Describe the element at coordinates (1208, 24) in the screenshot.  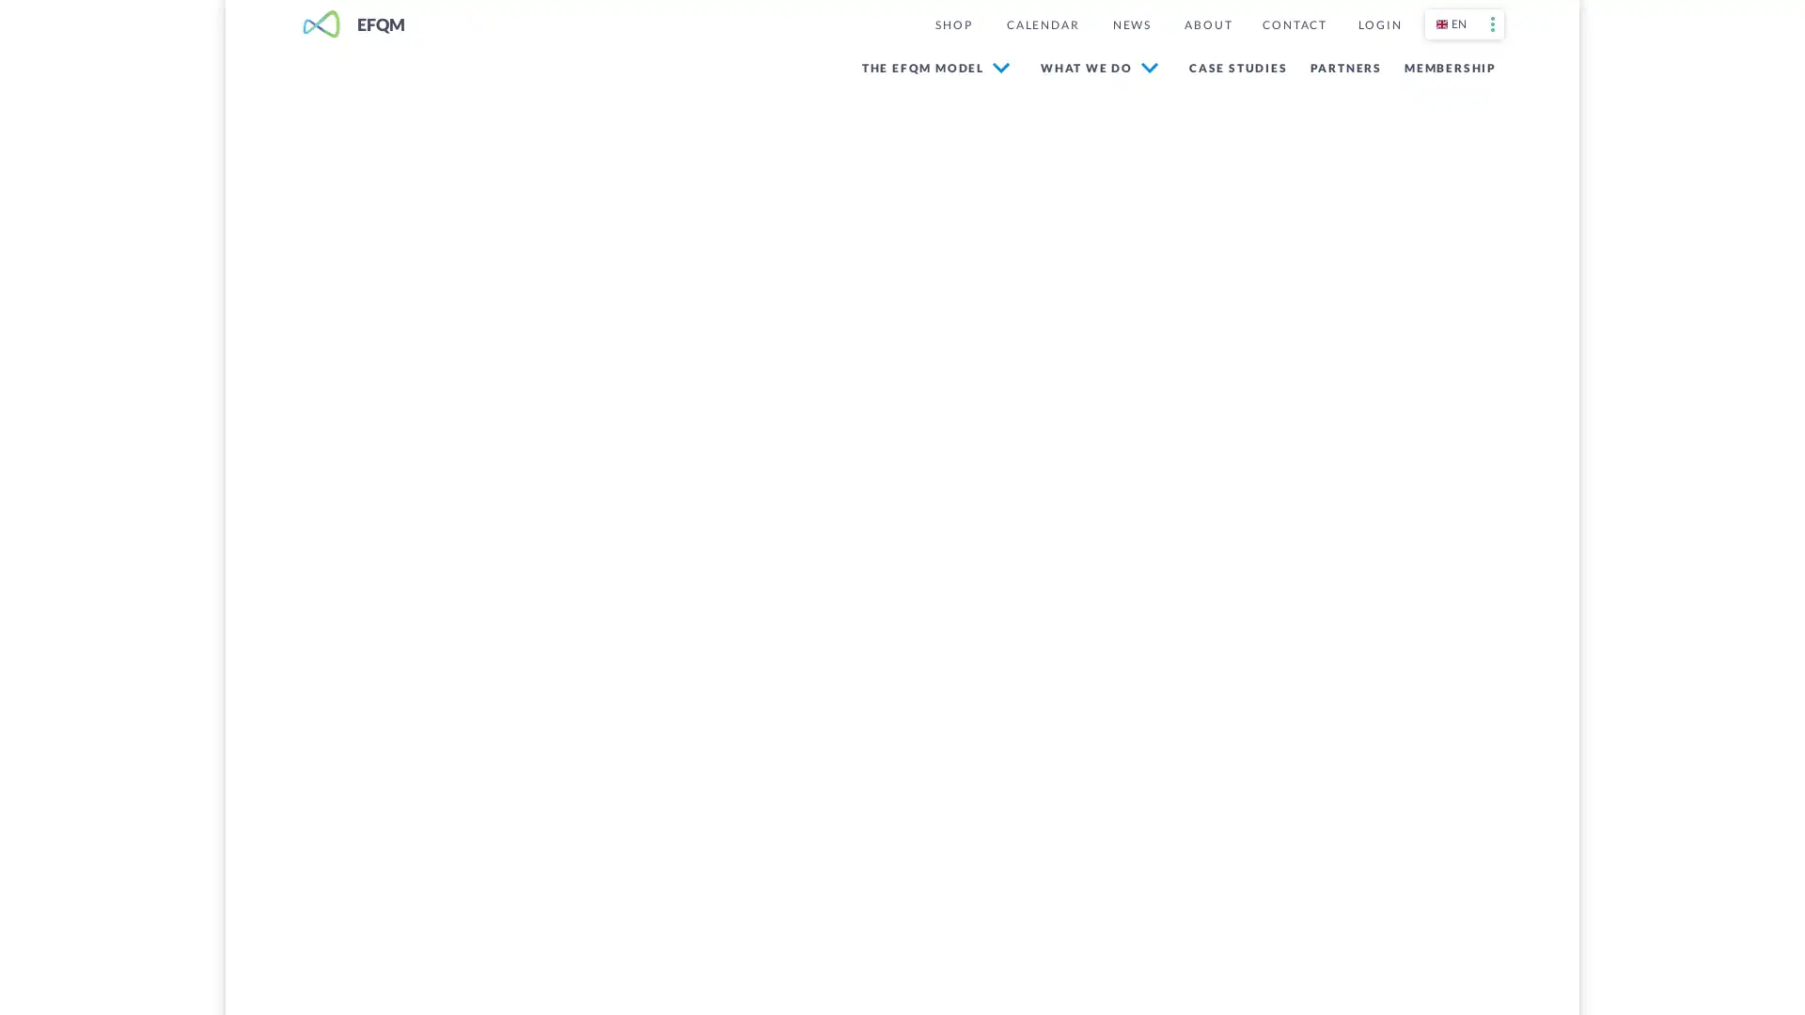
I see `ABOUT` at that location.